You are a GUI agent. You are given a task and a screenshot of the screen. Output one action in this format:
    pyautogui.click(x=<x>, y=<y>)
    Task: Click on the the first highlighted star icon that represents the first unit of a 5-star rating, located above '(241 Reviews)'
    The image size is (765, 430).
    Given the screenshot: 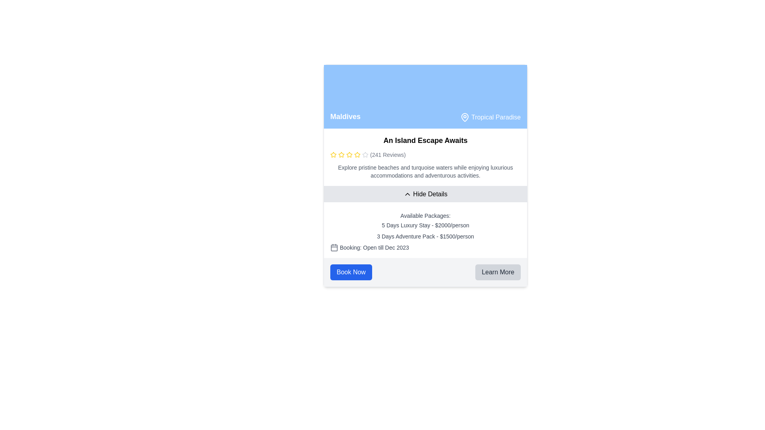 What is the action you would take?
    pyautogui.click(x=333, y=155)
    